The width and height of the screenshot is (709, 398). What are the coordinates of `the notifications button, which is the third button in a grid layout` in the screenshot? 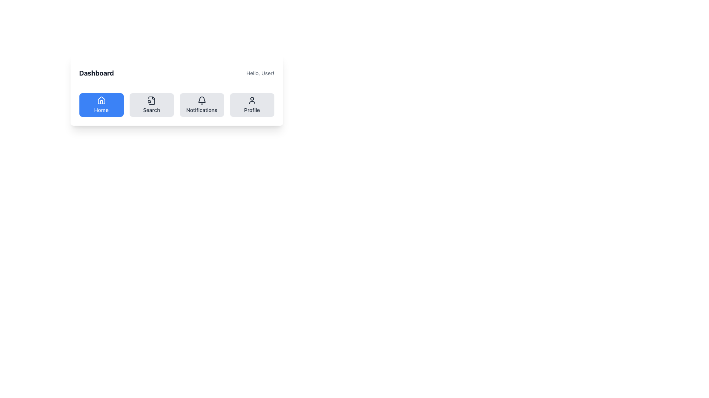 It's located at (202, 105).